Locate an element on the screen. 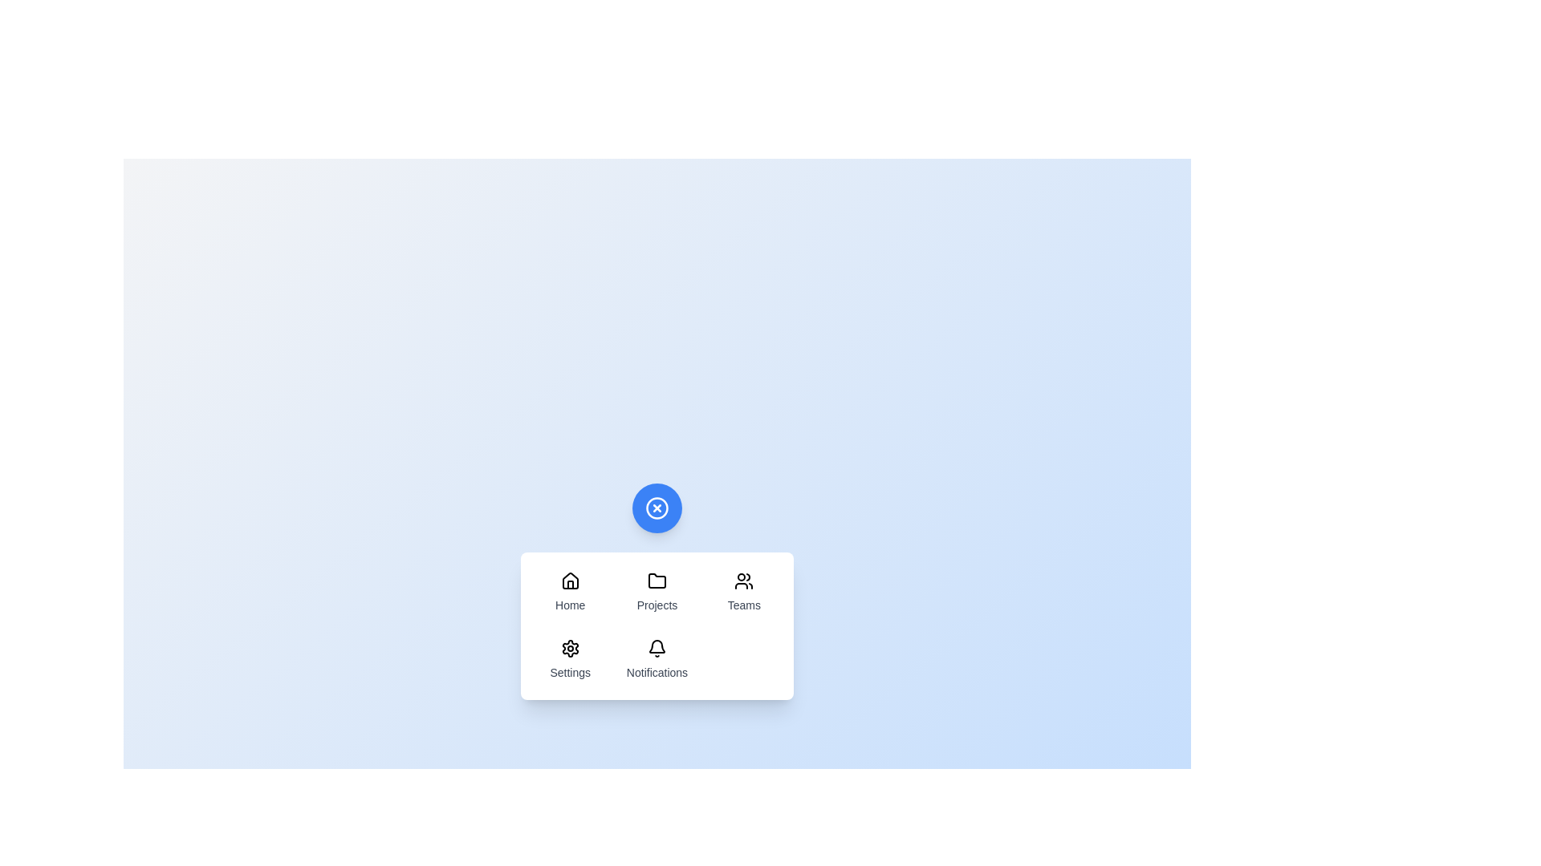 The width and height of the screenshot is (1541, 866). the menu item labeled Teams is located at coordinates (743, 593).